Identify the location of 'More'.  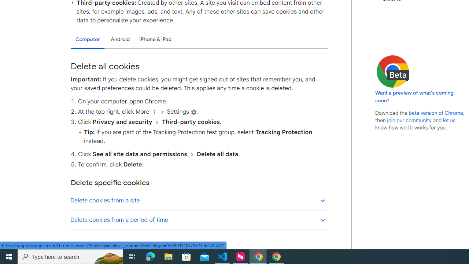
(154, 112).